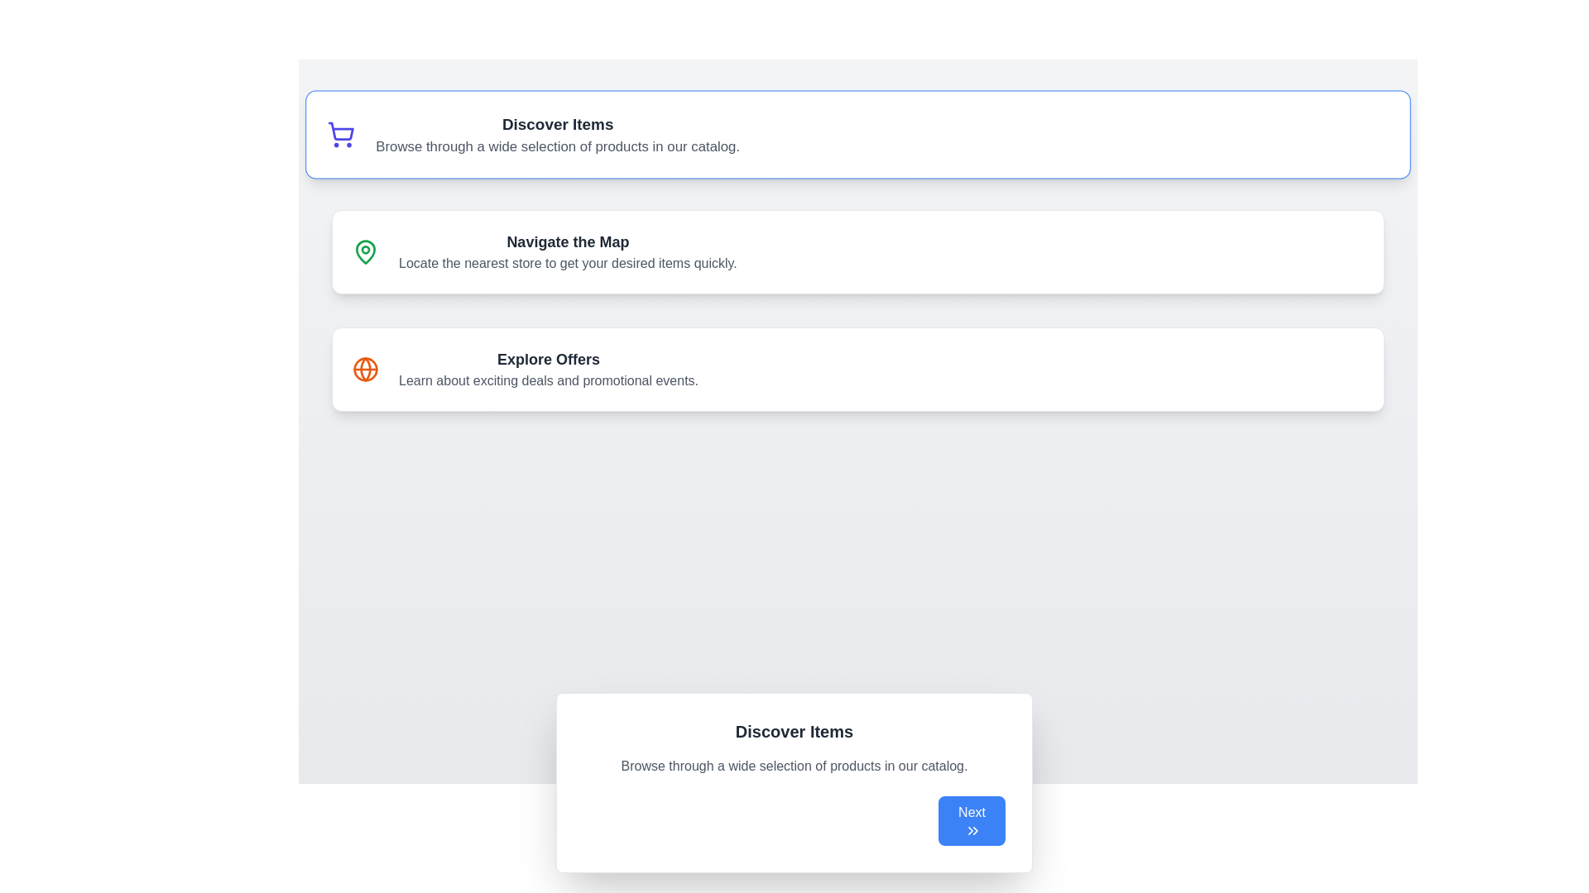  What do you see at coordinates (973, 831) in the screenshot?
I see `the navigation icon within the blue 'Next' button, which indicates the action to proceed to the next step` at bounding box center [973, 831].